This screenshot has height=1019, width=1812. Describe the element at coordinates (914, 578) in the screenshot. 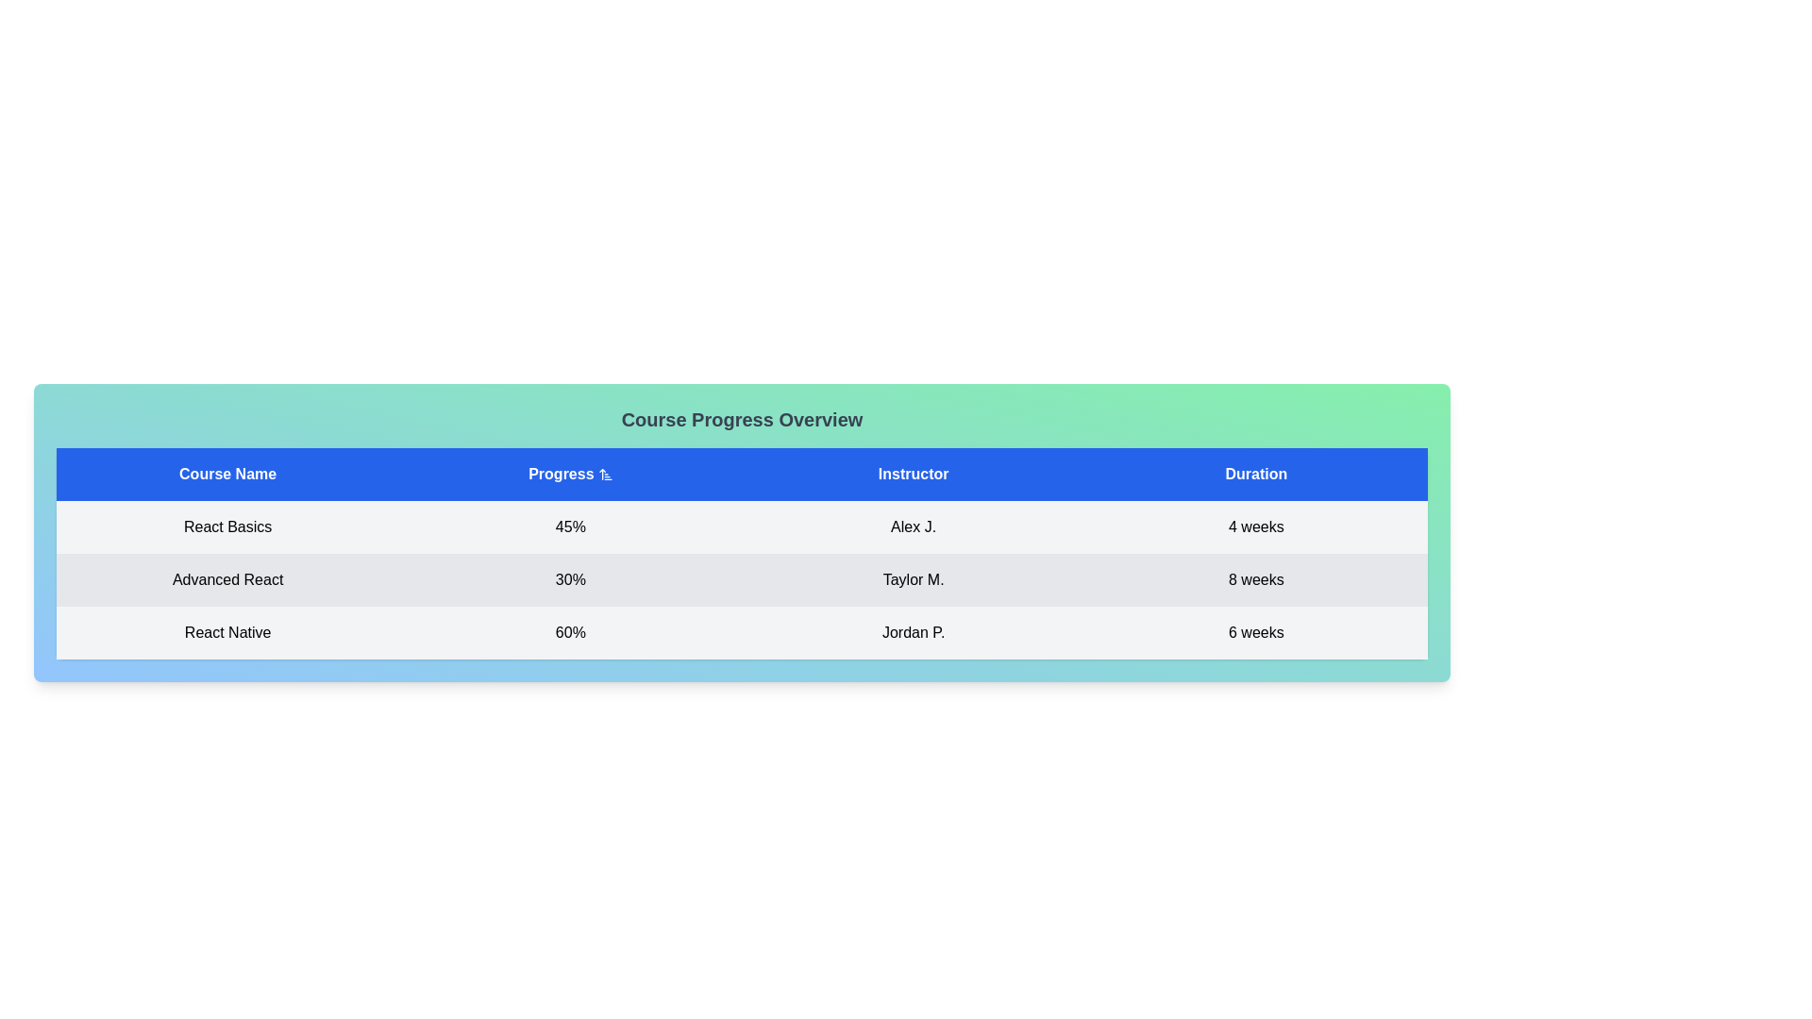

I see `text displayed for the instructor in the third cell of the second row in the 'Instructor' column of the course table` at that location.